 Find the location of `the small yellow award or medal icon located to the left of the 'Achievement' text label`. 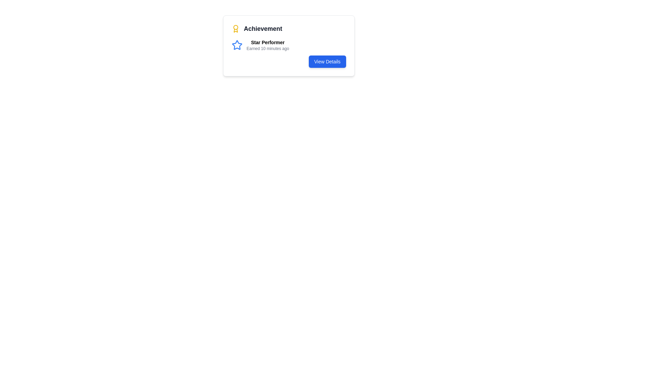

the small yellow award or medal icon located to the left of the 'Achievement' text label is located at coordinates (235, 28).